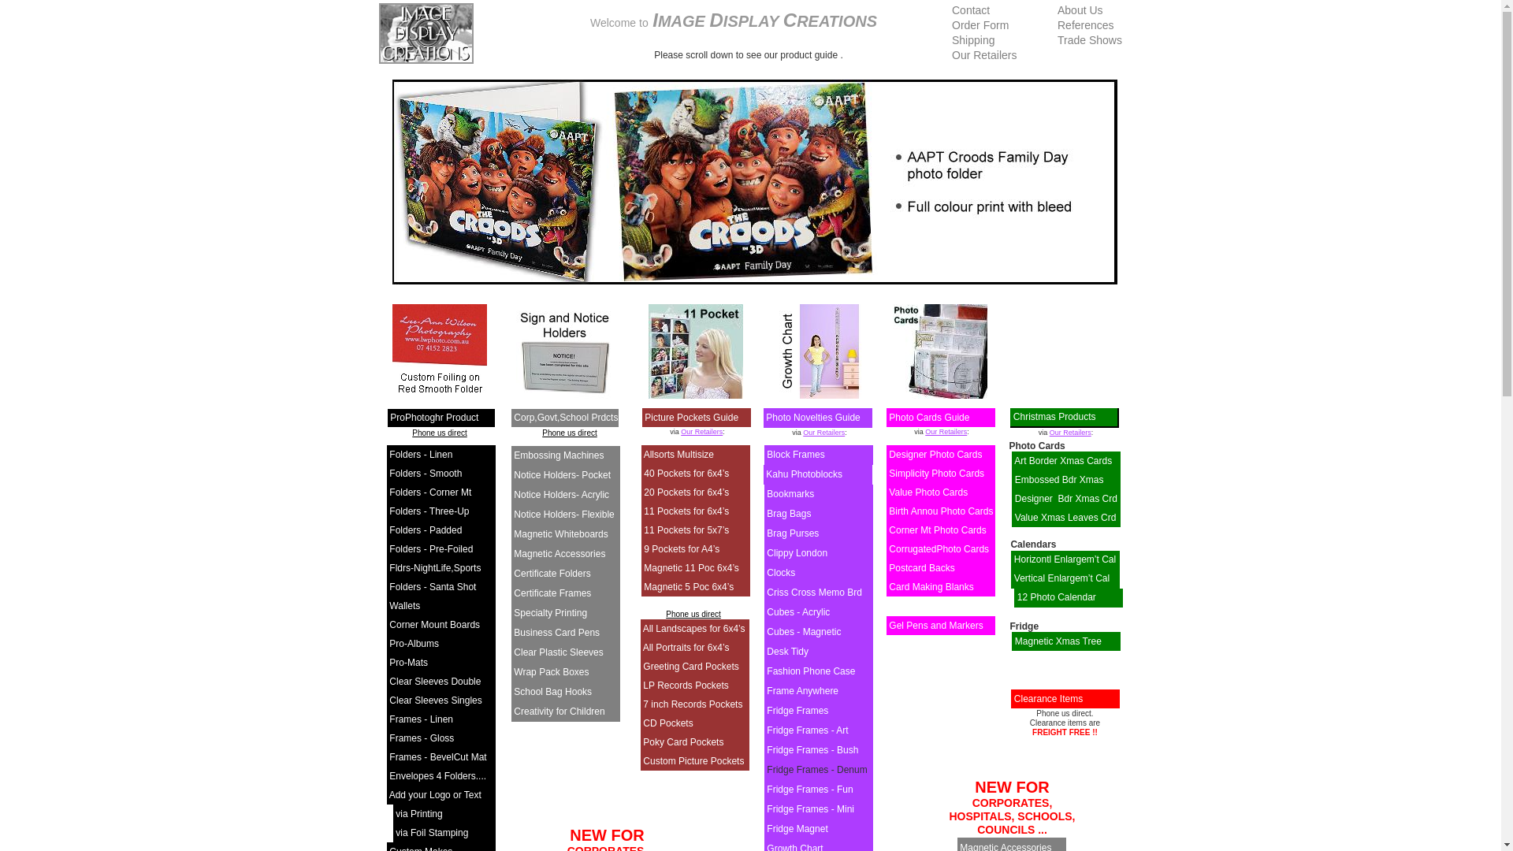 The width and height of the screenshot is (1513, 851). What do you see at coordinates (931, 586) in the screenshot?
I see `'Card Making Blanks'` at bounding box center [931, 586].